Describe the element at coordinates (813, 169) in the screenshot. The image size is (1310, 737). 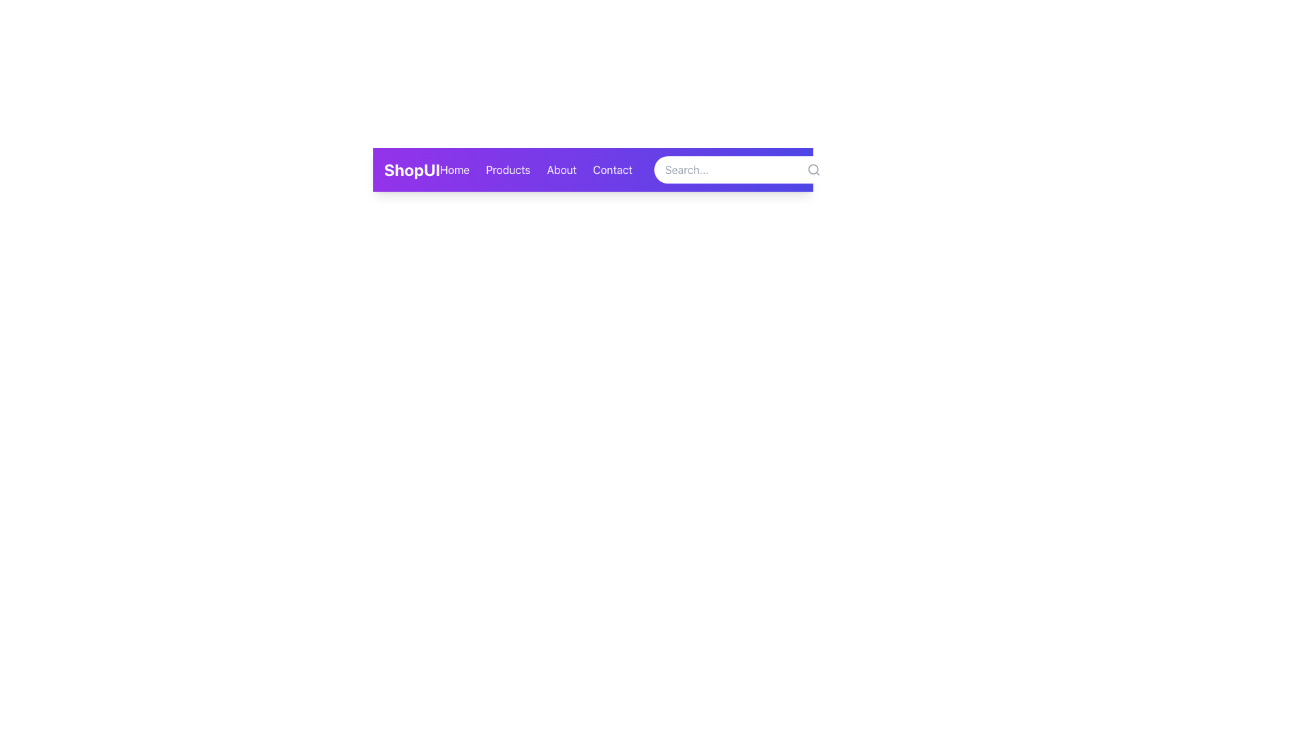
I see `the Search icon (magnifying glass) located at the far right of the search bar in the navigation header` at that location.